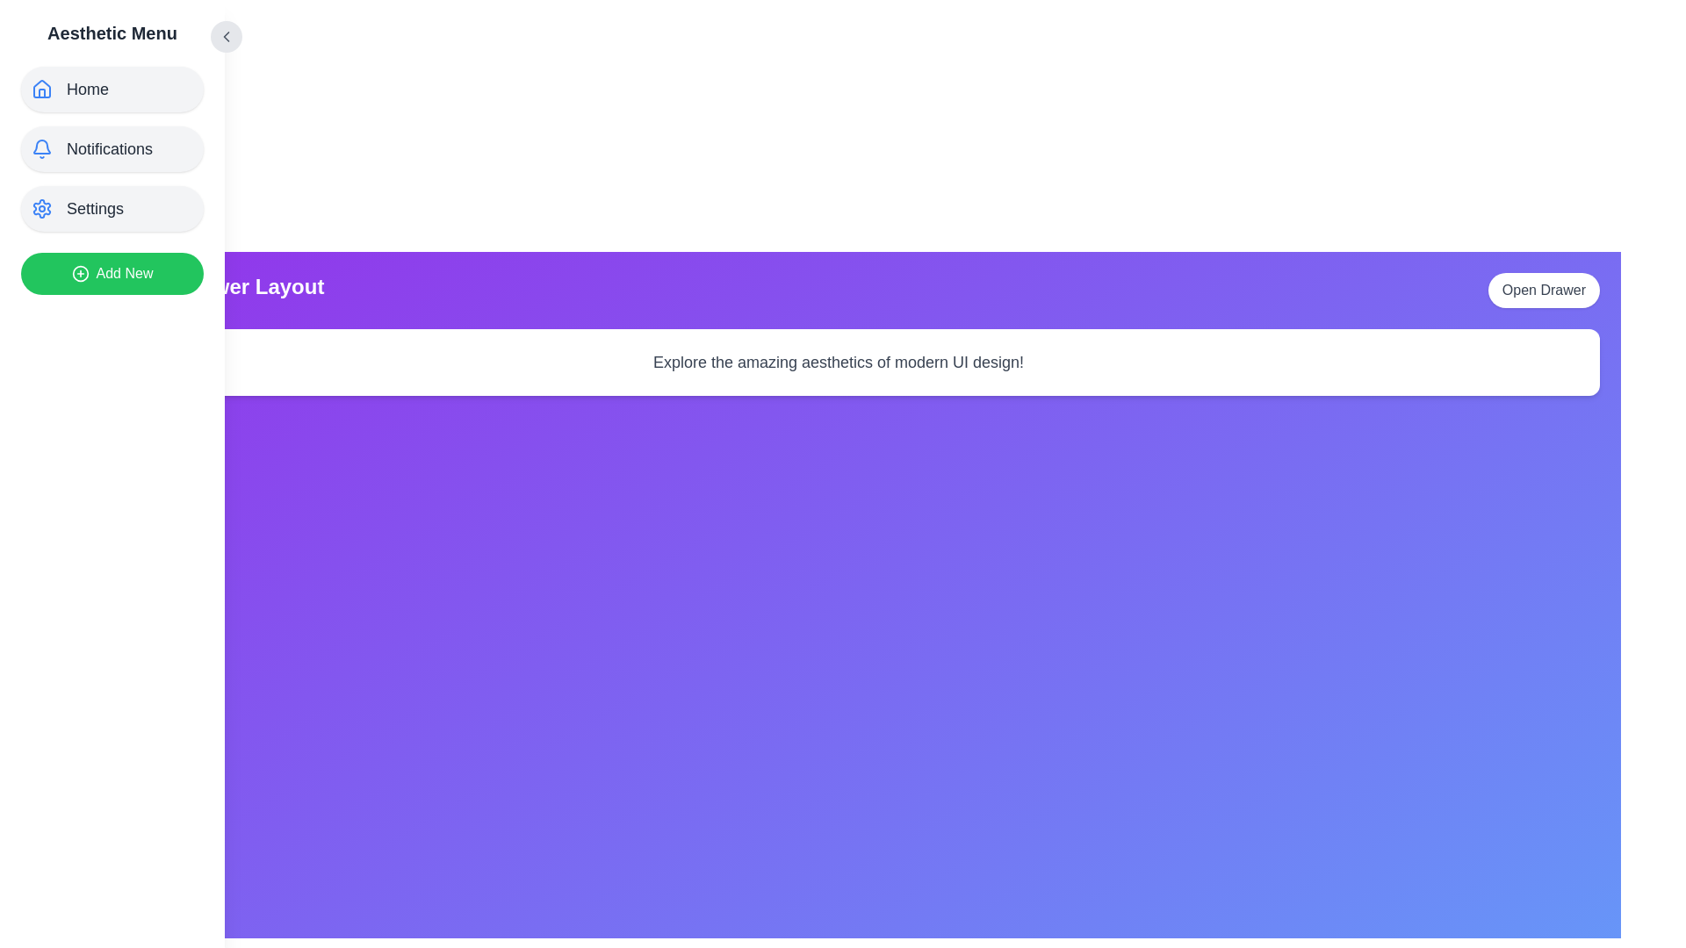  Describe the element at coordinates (112, 274) in the screenshot. I see `the 'Add New Item' button located at the bottom of the vertical navigation menu to observe any hover effects` at that location.